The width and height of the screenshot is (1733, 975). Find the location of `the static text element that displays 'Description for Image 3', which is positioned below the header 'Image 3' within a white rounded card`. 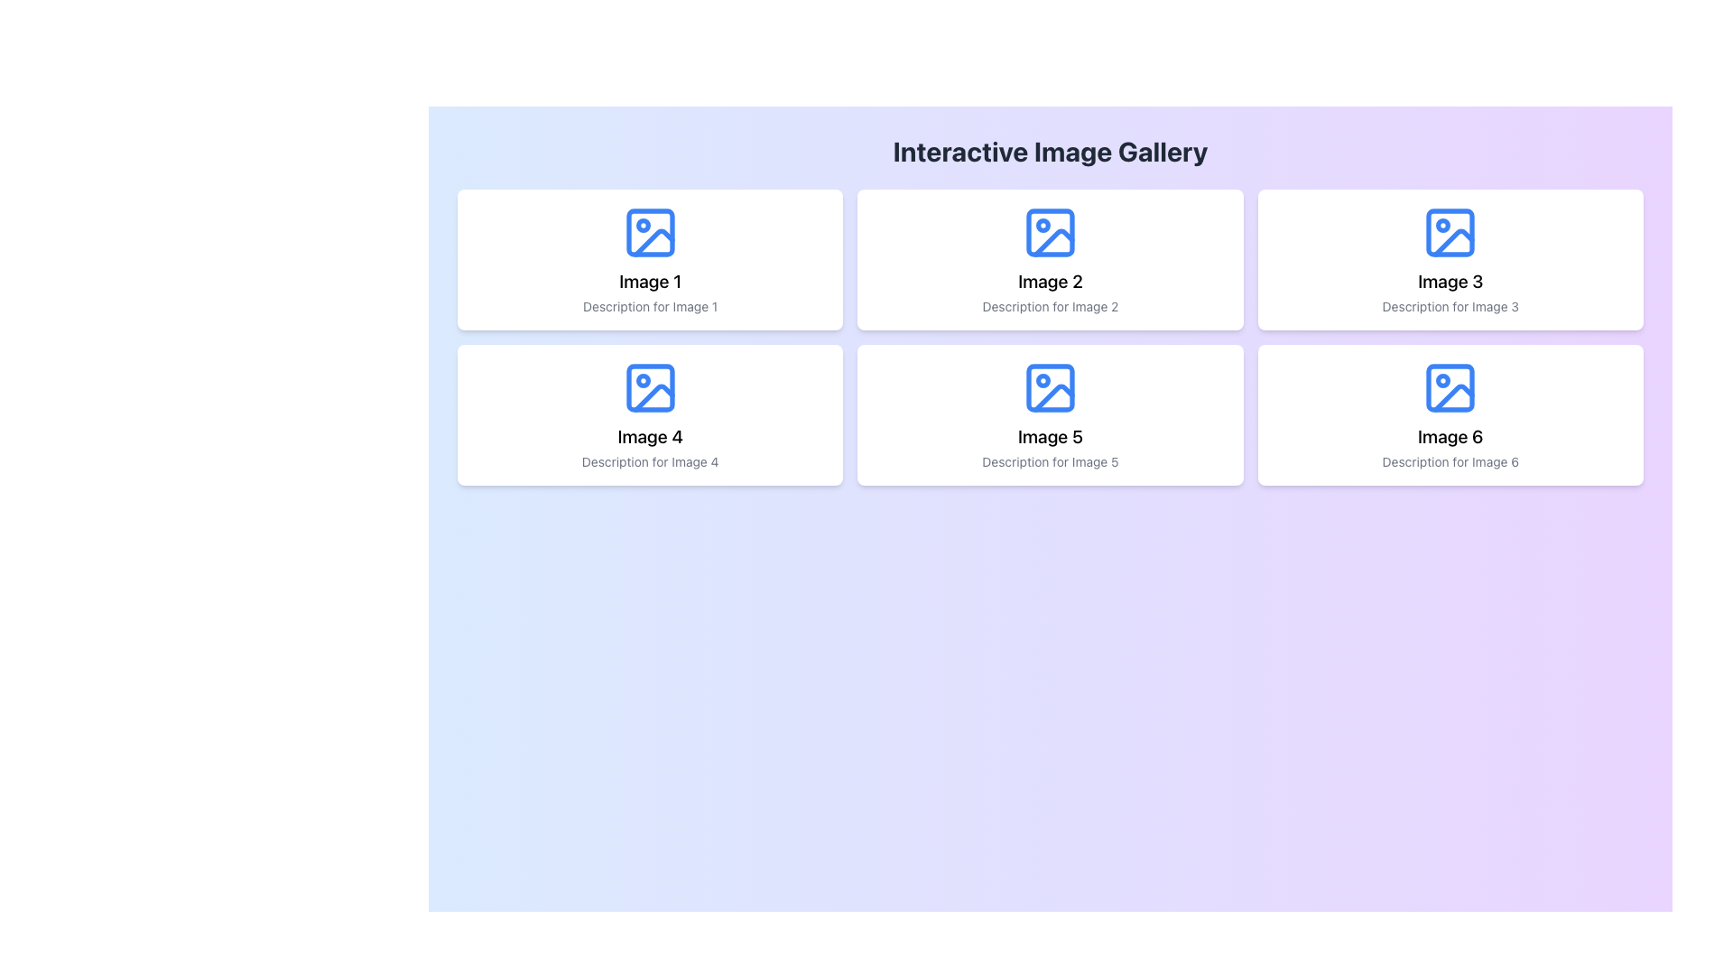

the static text element that displays 'Description for Image 3', which is positioned below the header 'Image 3' within a white rounded card is located at coordinates (1450, 305).